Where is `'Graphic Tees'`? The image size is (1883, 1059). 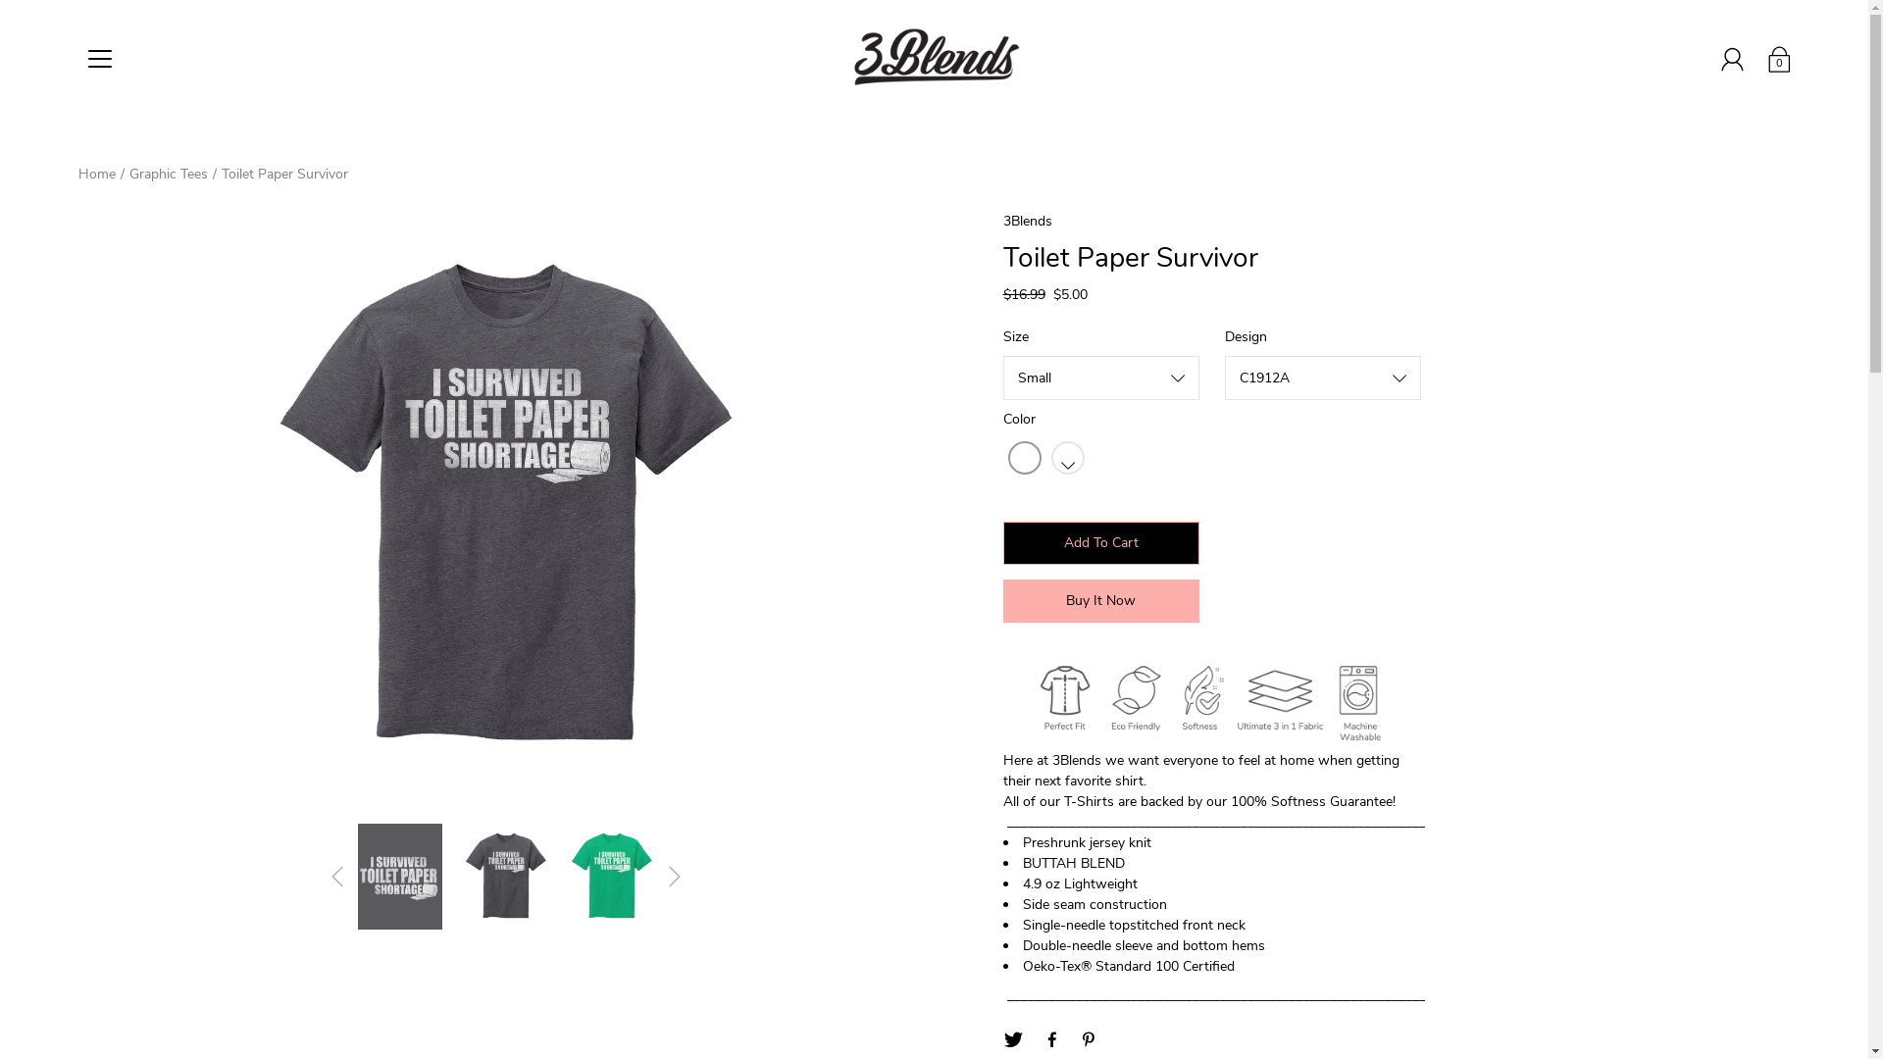 'Graphic Tees' is located at coordinates (169, 173).